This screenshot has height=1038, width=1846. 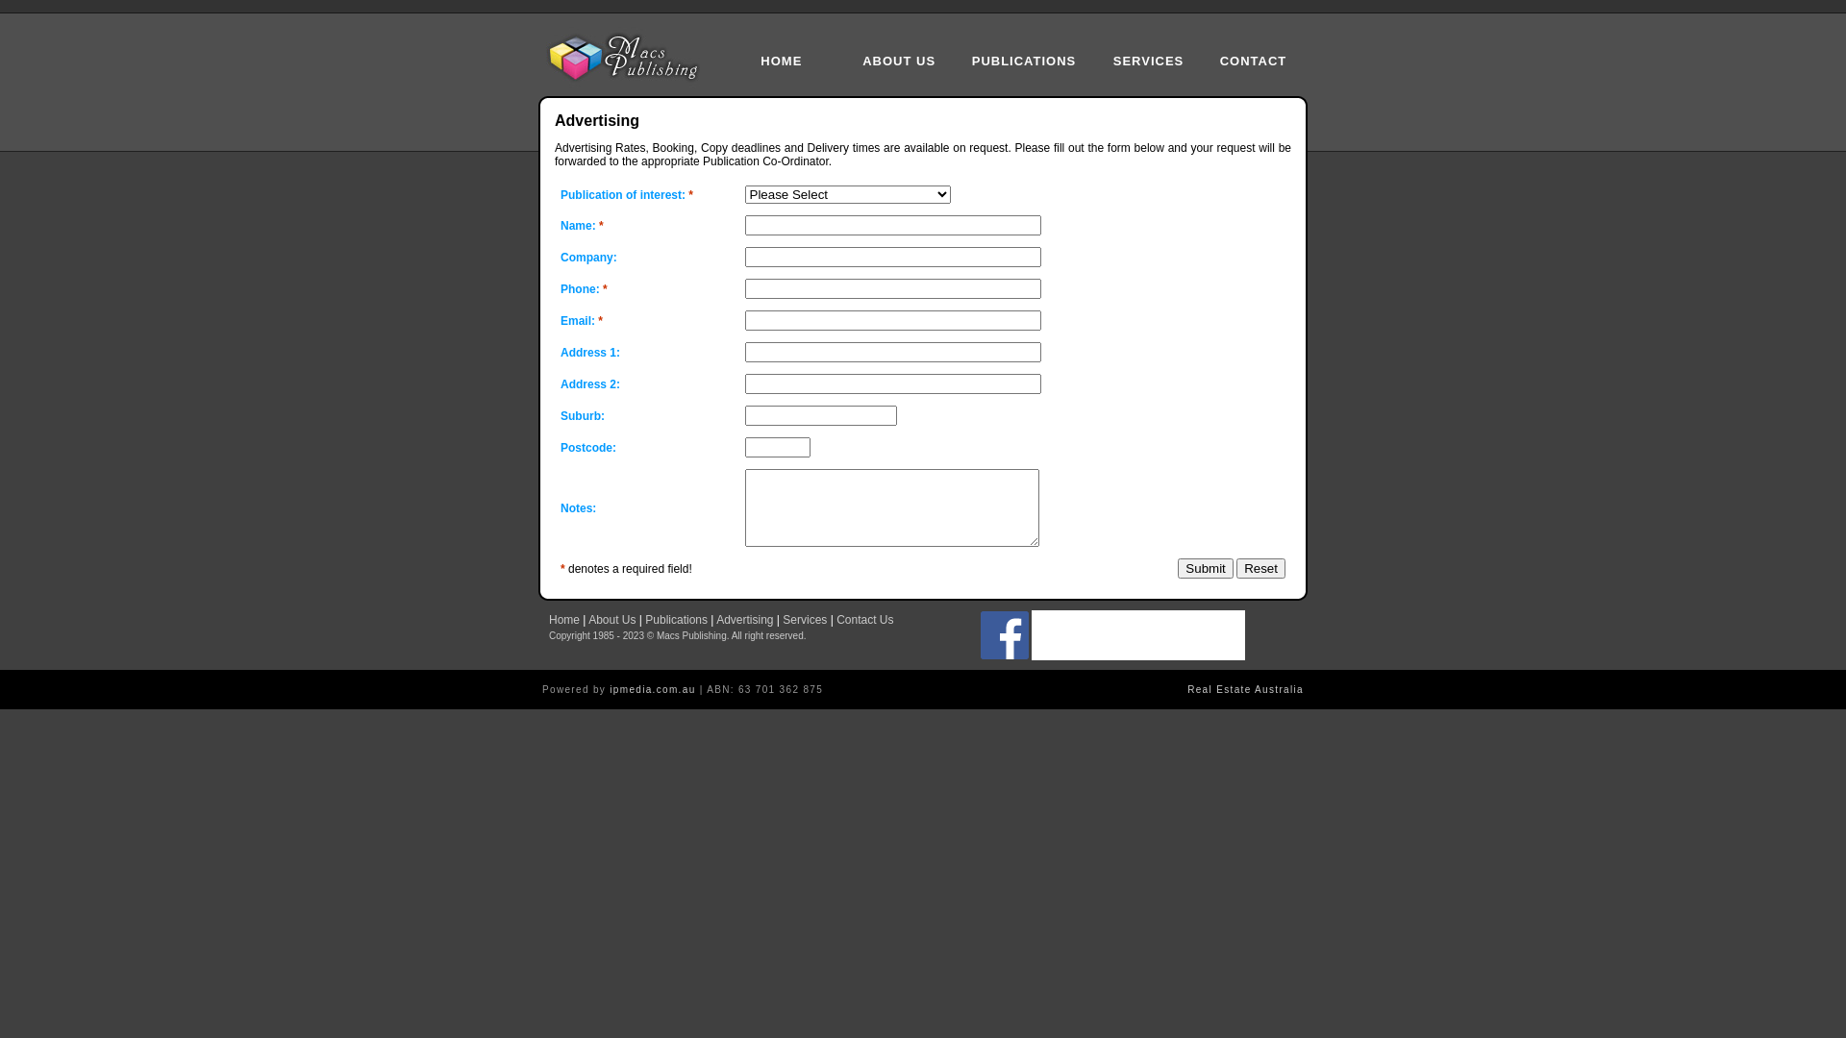 What do you see at coordinates (743, 619) in the screenshot?
I see `'Advertising'` at bounding box center [743, 619].